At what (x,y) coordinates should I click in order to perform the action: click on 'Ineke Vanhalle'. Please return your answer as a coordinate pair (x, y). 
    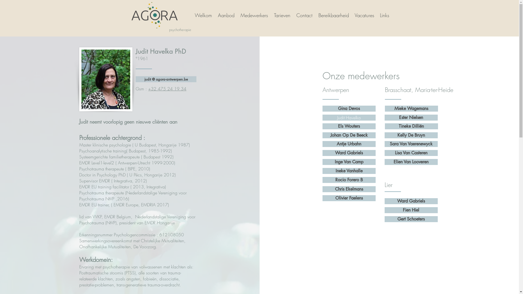
    Looking at the image, I should click on (349, 171).